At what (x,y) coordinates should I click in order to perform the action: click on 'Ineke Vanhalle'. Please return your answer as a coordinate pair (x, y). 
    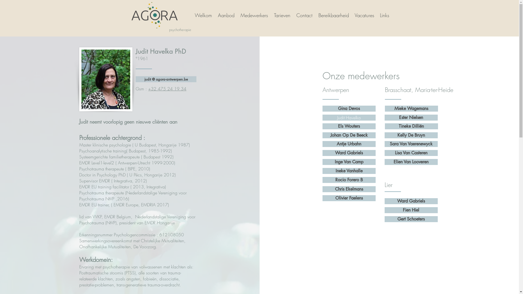
    Looking at the image, I should click on (349, 171).